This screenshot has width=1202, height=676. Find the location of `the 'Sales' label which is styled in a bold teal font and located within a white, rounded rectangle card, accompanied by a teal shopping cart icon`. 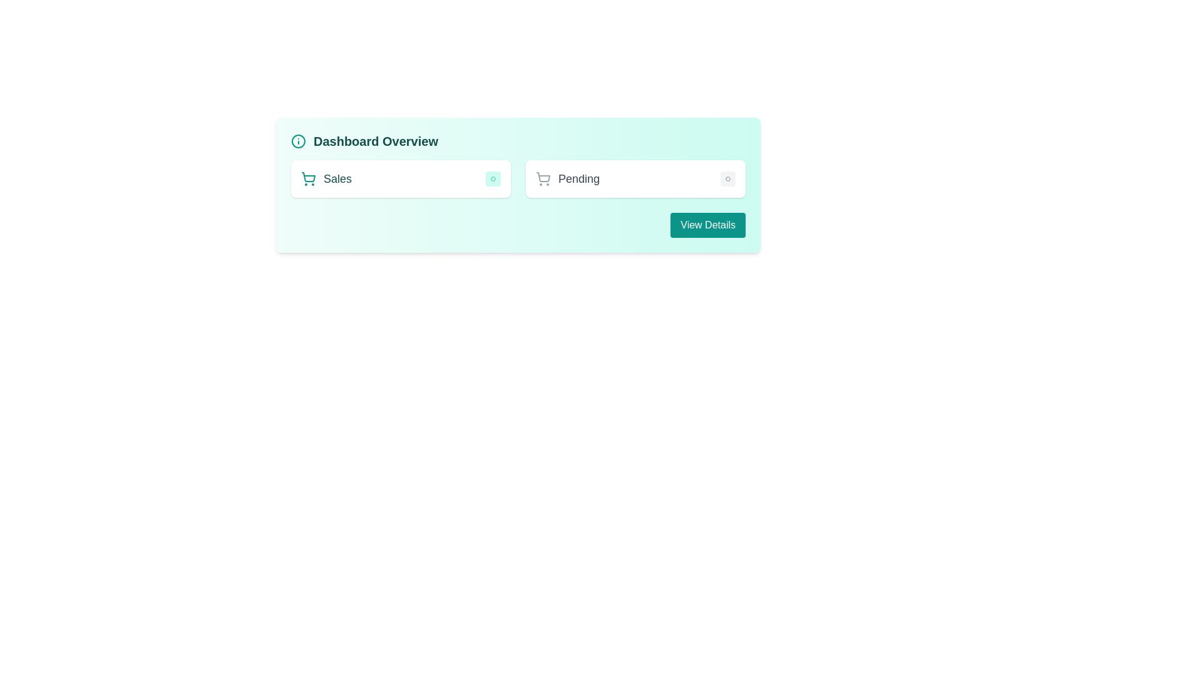

the 'Sales' label which is styled in a bold teal font and located within a white, rounded rectangle card, accompanied by a teal shopping cart icon is located at coordinates (326, 178).